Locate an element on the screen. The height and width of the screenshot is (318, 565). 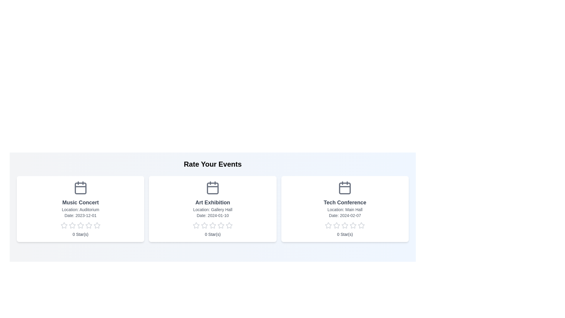
the event card for Music Concert to navigate to its details is located at coordinates (80, 208).